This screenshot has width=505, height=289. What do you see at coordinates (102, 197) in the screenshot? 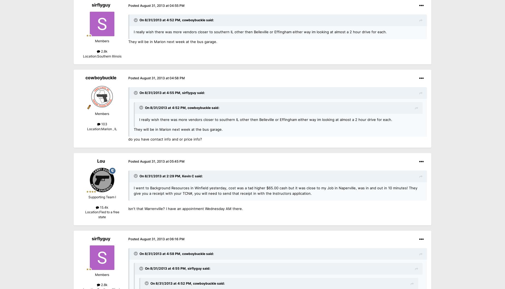
I see `'Supporting Team I'` at bounding box center [102, 197].